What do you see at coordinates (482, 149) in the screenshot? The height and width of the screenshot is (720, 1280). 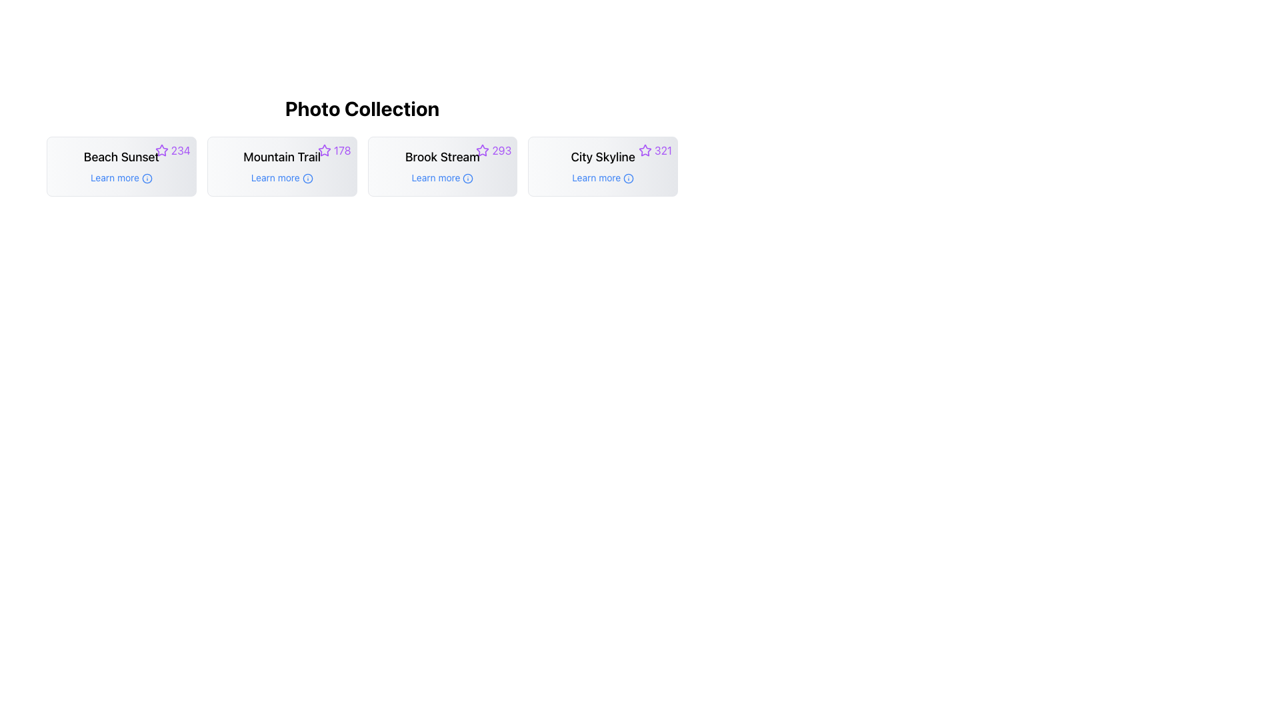 I see `the star rating icon next to the 'Brook Stream' text to favorite or unfavorite the associated collection` at bounding box center [482, 149].